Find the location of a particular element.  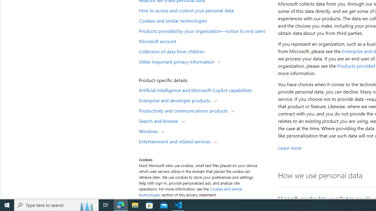

'How to access and control your personal data' is located at coordinates (204, 10).